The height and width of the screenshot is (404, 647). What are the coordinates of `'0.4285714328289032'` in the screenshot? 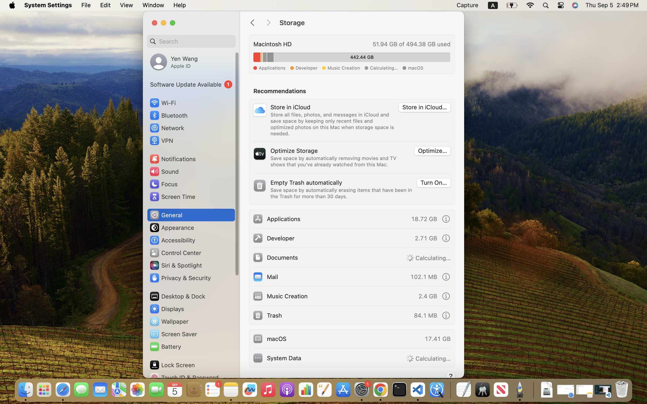 It's located at (449, 390).